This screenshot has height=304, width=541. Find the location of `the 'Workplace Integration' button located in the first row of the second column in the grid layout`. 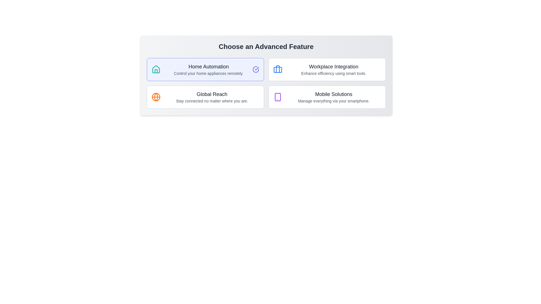

the 'Workplace Integration' button located in the first row of the second column in the grid layout is located at coordinates (327, 69).